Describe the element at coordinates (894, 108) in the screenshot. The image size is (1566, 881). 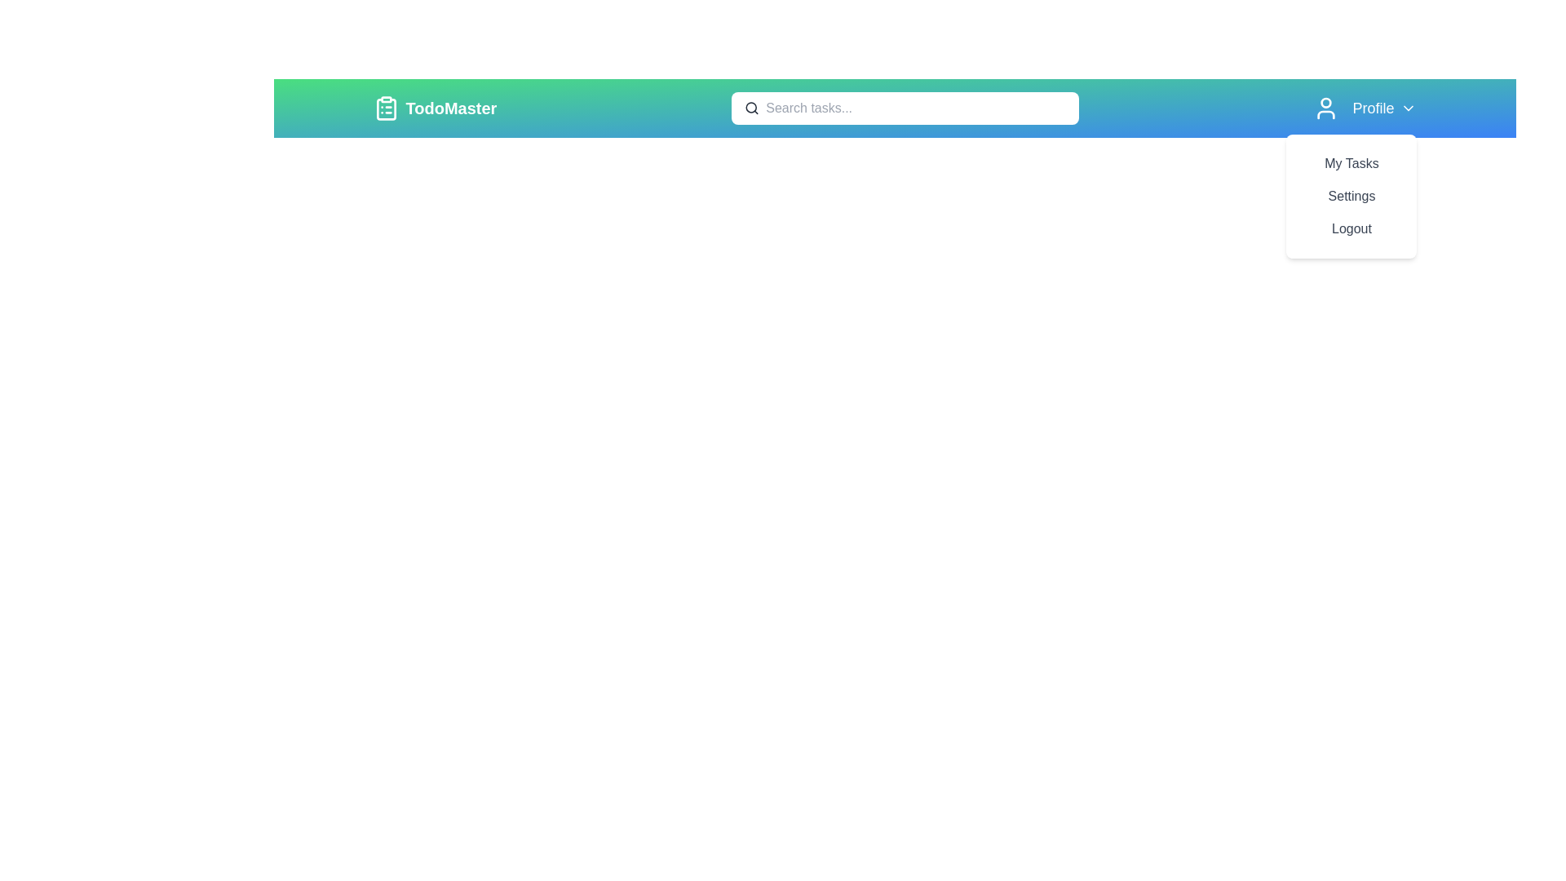
I see `the centrally located search box in the top navigation bar to focus the input for user queries` at that location.